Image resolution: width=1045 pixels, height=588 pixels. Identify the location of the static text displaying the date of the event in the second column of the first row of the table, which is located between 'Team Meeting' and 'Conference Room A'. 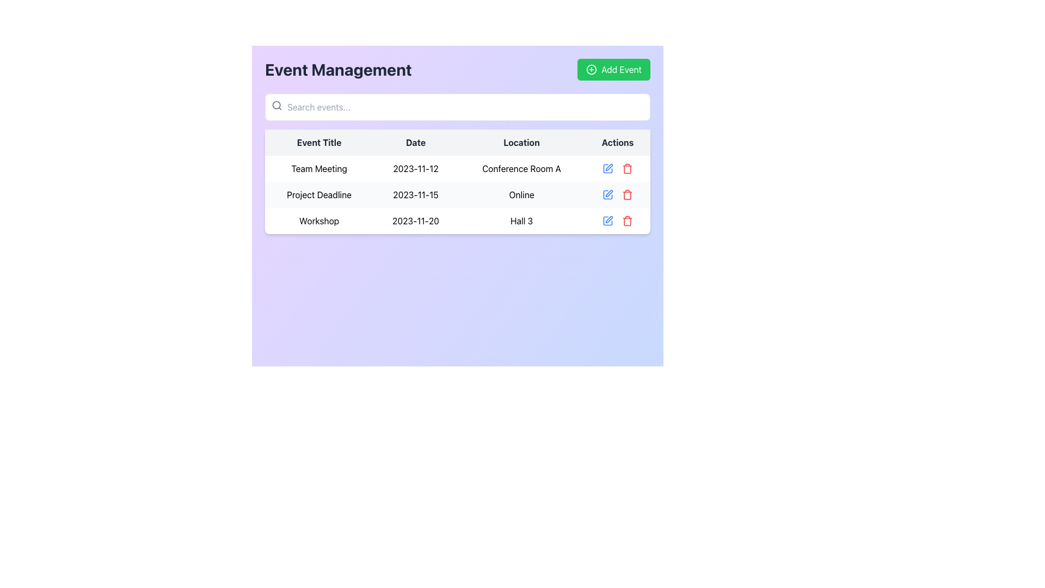
(415, 168).